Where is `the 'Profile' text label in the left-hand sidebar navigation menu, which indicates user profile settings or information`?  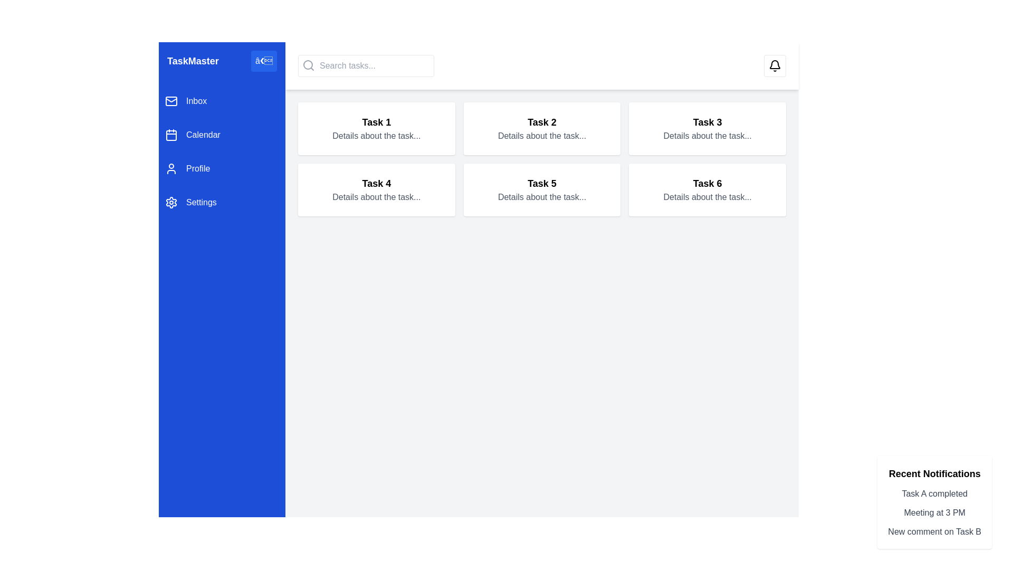 the 'Profile' text label in the left-hand sidebar navigation menu, which indicates user profile settings or information is located at coordinates (198, 168).